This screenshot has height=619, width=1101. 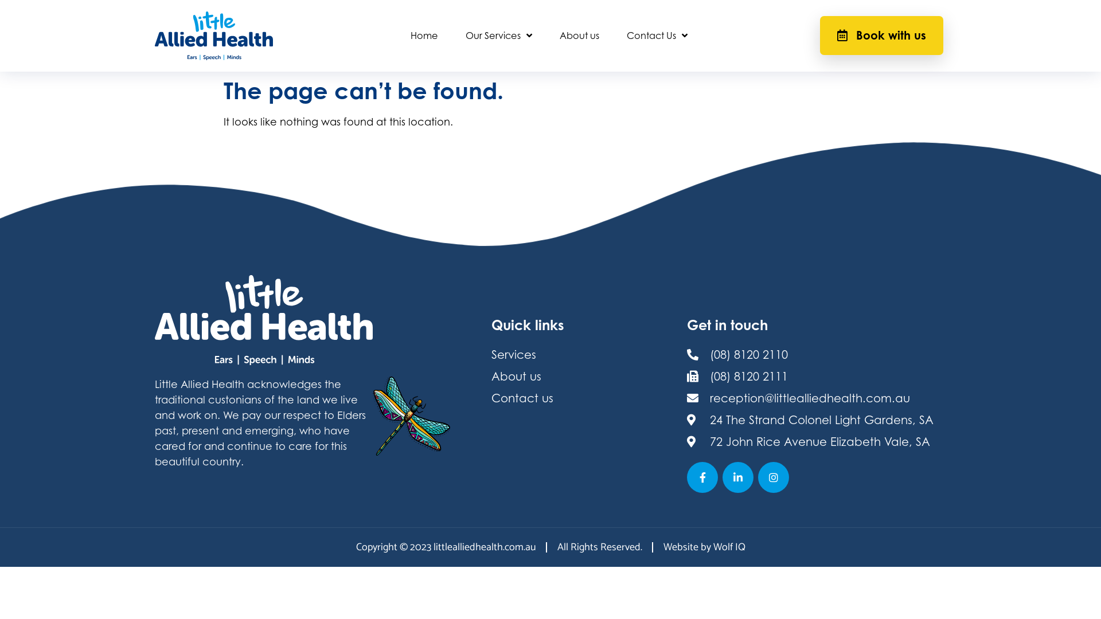 I want to click on 'reception@littlealliedhealth.com.au', so click(x=814, y=397).